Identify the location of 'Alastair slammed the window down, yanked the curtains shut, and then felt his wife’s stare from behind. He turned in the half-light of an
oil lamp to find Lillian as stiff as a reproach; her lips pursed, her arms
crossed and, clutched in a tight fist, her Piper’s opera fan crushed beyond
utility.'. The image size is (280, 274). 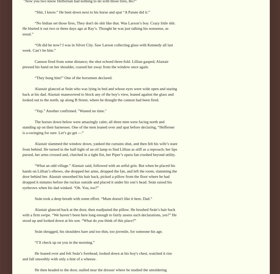
(99, 149).